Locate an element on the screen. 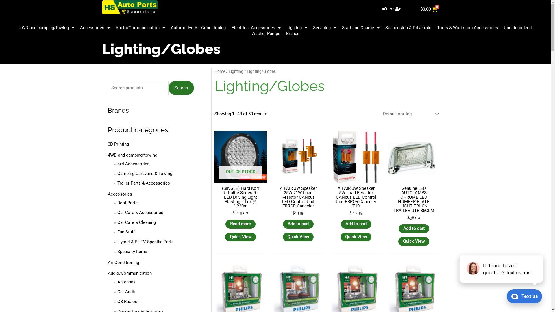 This screenshot has height=312, width=555. 'Air Conditioning' is located at coordinates (123, 263).